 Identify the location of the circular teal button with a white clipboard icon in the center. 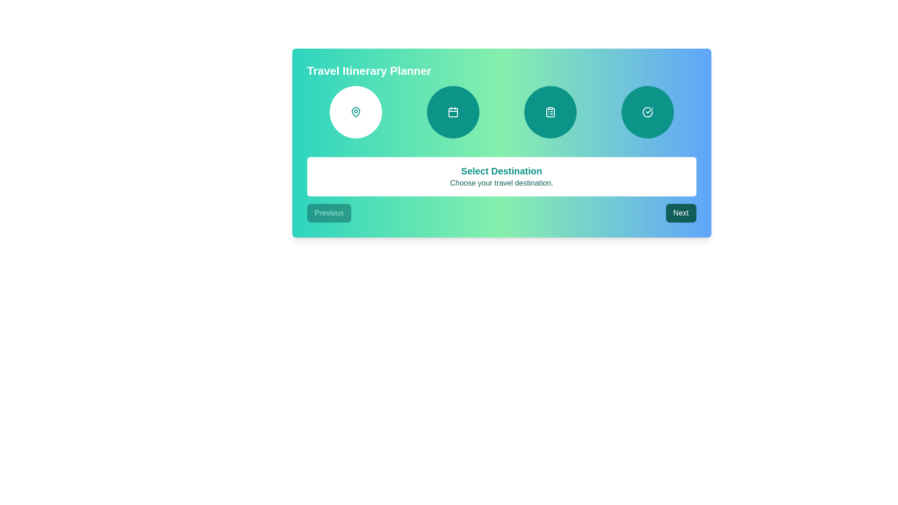
(550, 111).